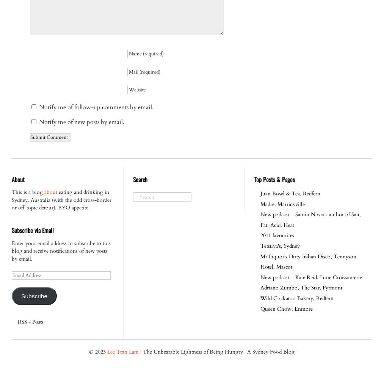 Image resolution: width=384 pixels, height=368 pixels. What do you see at coordinates (81, 121) in the screenshot?
I see `'Notify me of new posts by email.'` at bounding box center [81, 121].